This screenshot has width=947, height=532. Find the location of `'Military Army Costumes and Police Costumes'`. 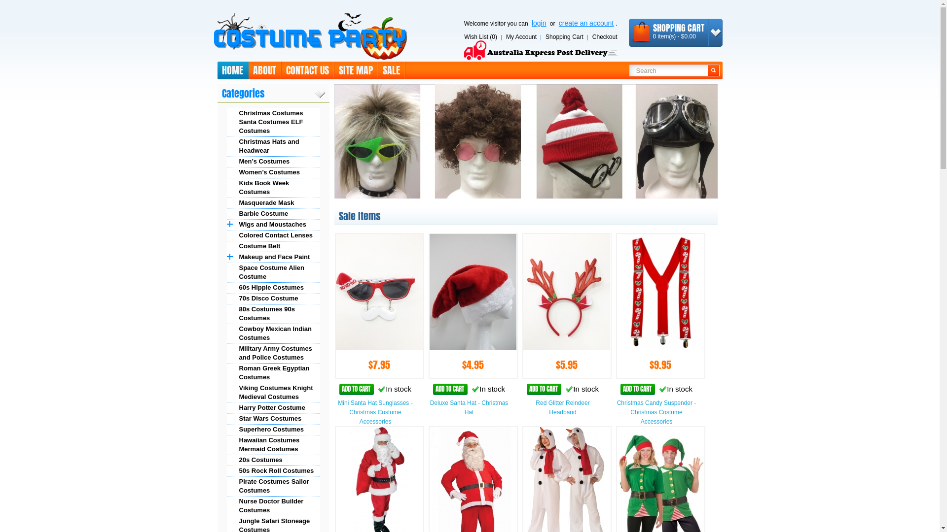

'Military Army Costumes and Police Costumes' is located at coordinates (273, 353).